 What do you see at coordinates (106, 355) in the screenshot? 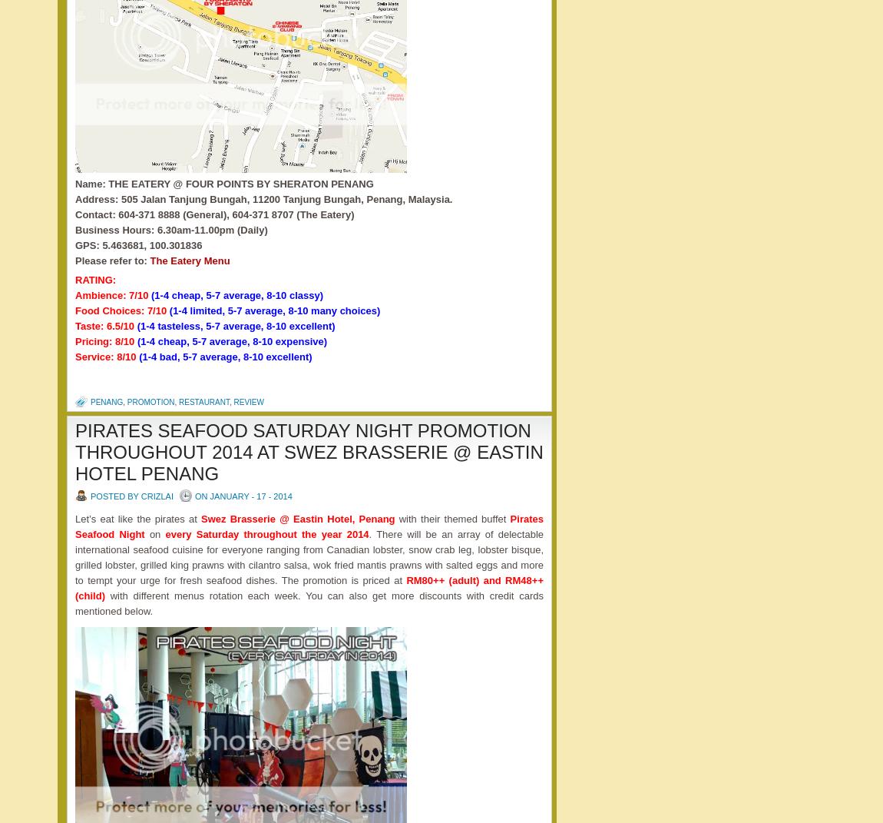
I see `'Service: 8/10'` at bounding box center [106, 355].